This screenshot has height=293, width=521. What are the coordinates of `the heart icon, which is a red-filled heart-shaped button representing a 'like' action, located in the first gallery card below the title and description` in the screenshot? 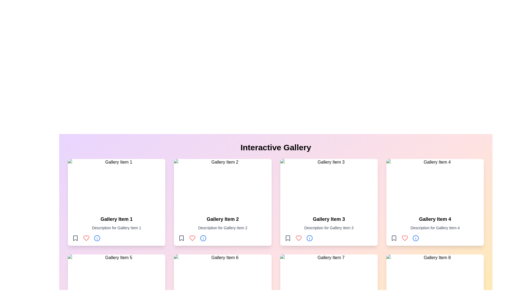 It's located at (86, 238).